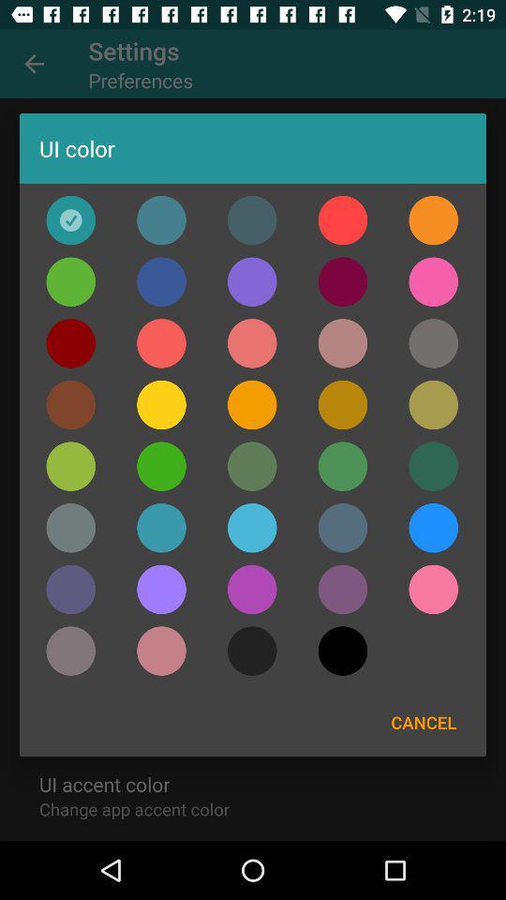 This screenshot has width=506, height=900. What do you see at coordinates (252, 528) in the screenshot?
I see `press light blue circle` at bounding box center [252, 528].